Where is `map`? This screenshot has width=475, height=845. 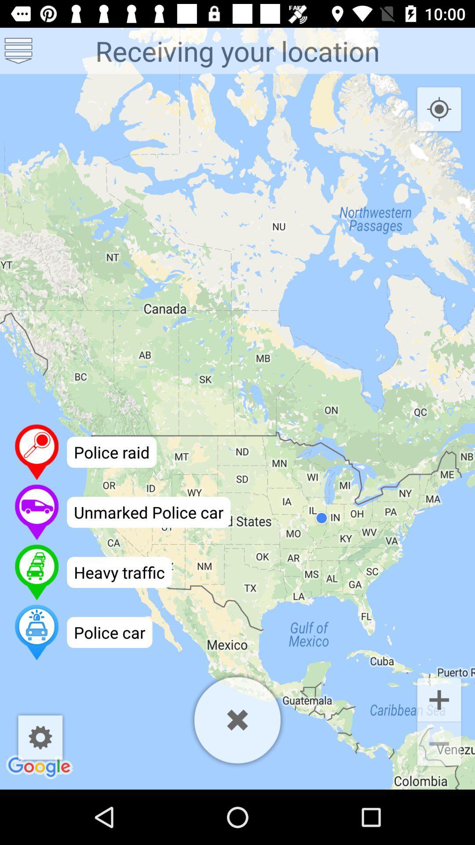 map is located at coordinates (237, 720).